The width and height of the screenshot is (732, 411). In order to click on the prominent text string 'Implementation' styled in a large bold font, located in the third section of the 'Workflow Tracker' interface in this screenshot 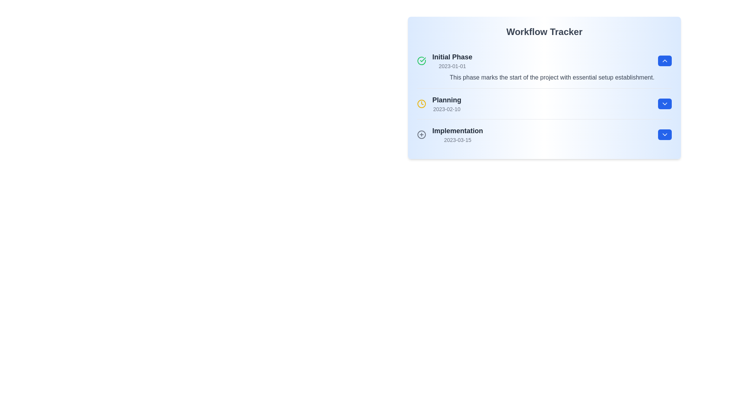, I will do `click(457, 130)`.